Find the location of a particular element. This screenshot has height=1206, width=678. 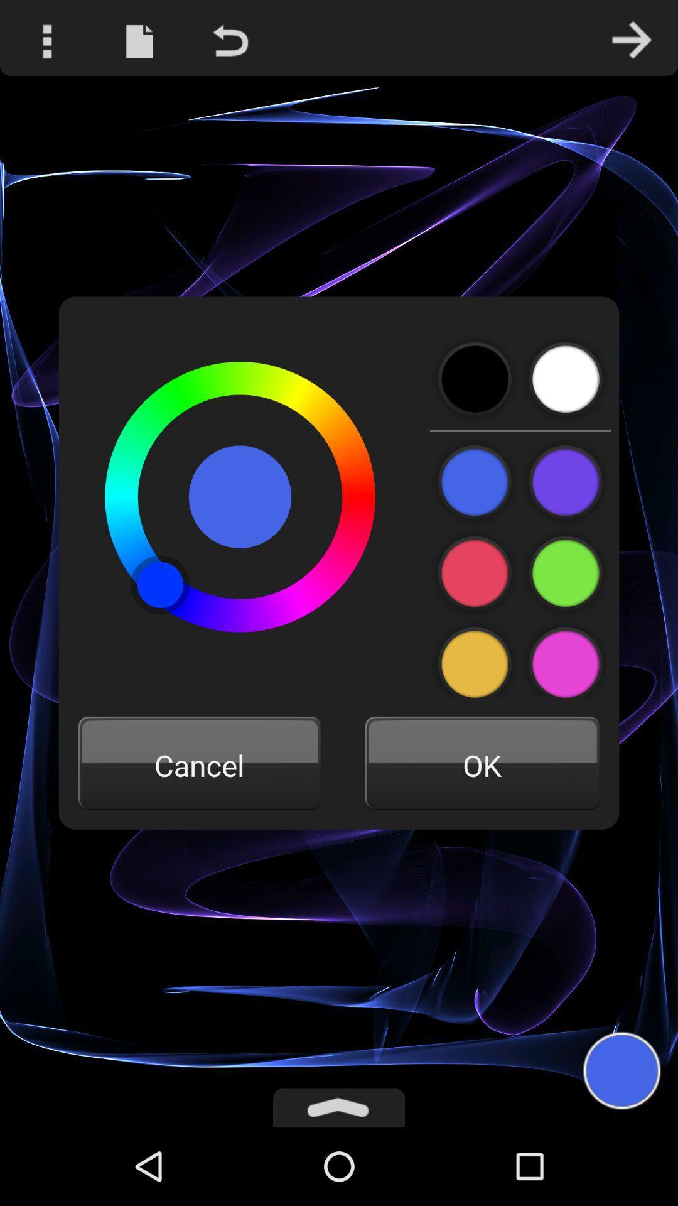

choose this color is located at coordinates (475, 573).